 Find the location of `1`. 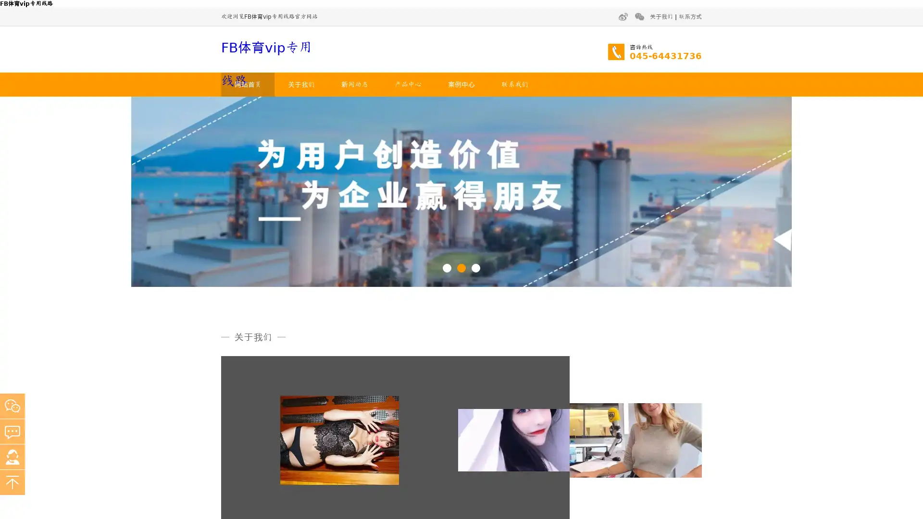

1 is located at coordinates (447, 267).